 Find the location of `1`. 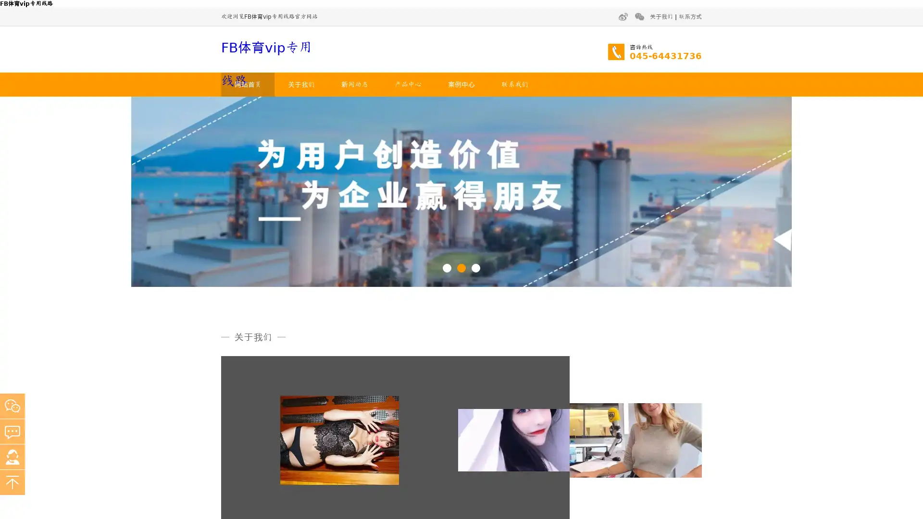

1 is located at coordinates (447, 267).